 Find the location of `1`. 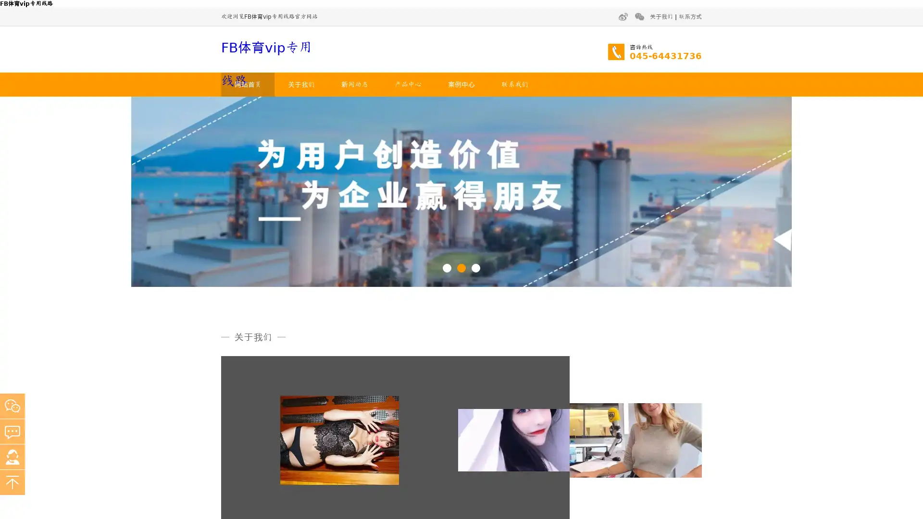

1 is located at coordinates (447, 267).